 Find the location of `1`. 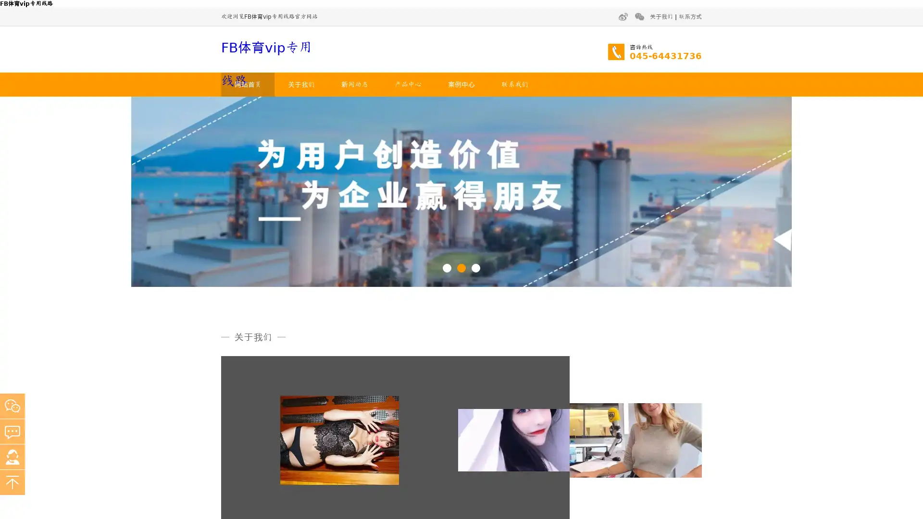

1 is located at coordinates (447, 267).